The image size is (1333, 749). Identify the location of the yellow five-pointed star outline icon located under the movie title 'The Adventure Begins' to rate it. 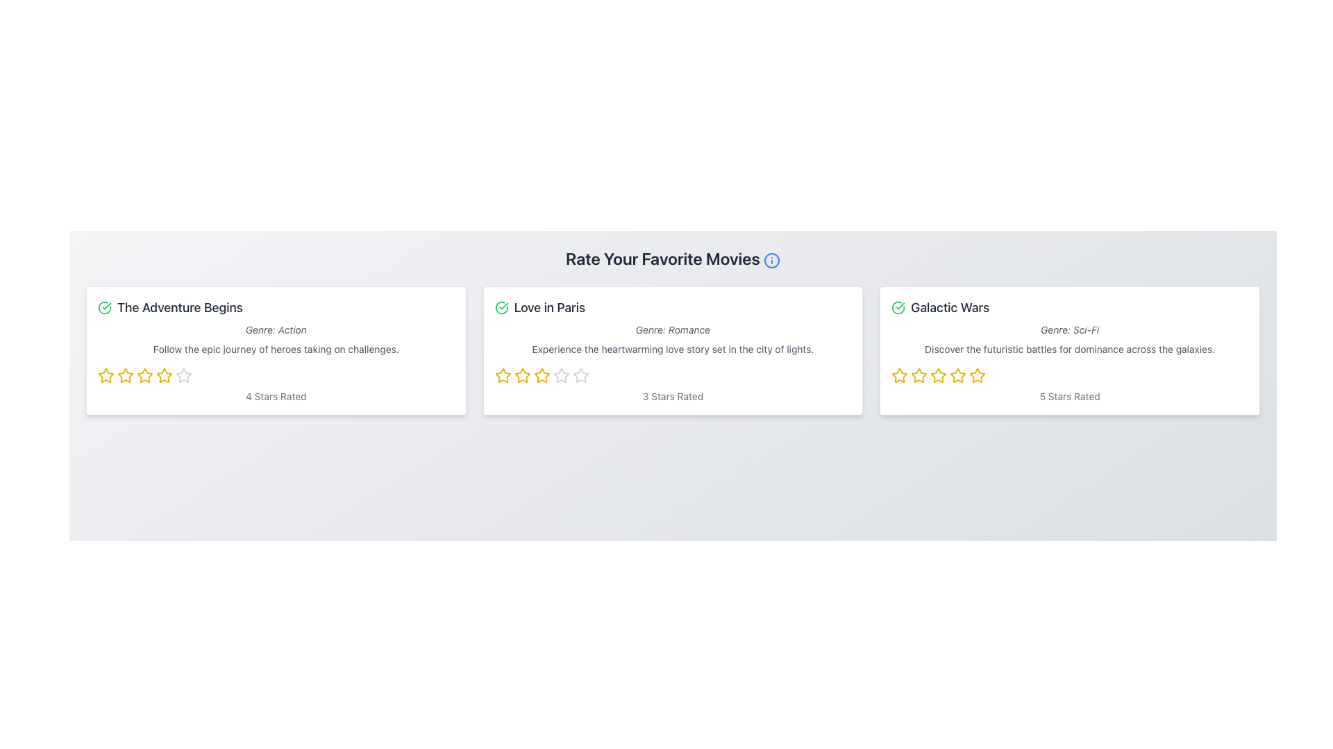
(163, 374).